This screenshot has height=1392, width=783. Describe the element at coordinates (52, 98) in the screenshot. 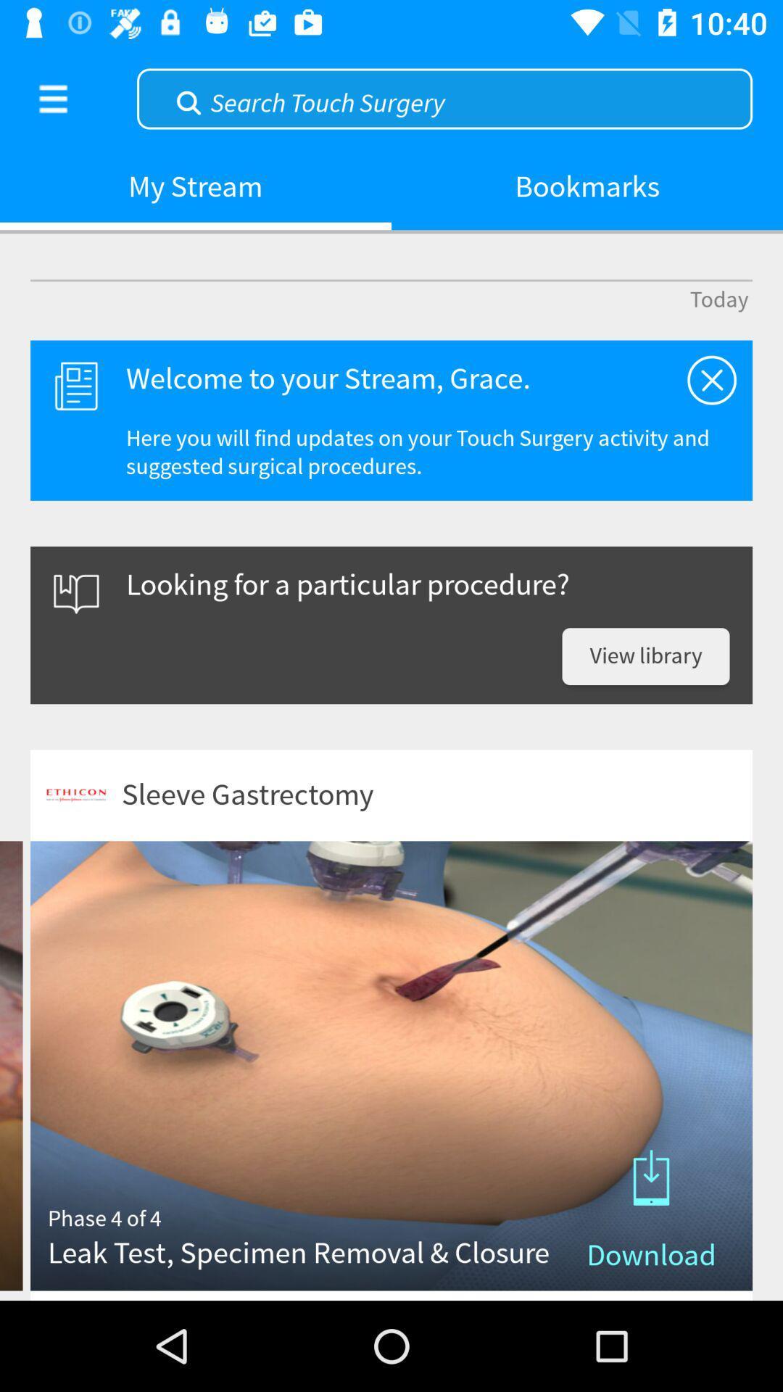

I see `the item above my stream icon` at that location.